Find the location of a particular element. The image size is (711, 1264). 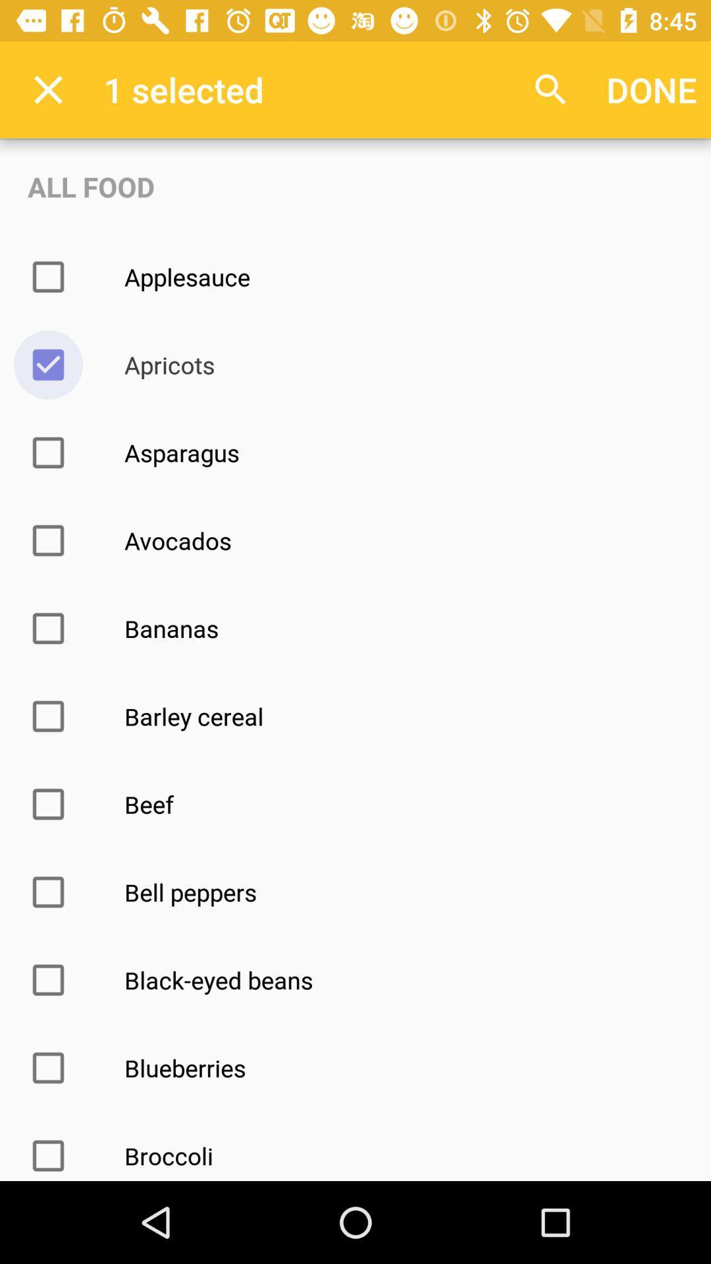

the app next to 1 selected app is located at coordinates (551, 89).